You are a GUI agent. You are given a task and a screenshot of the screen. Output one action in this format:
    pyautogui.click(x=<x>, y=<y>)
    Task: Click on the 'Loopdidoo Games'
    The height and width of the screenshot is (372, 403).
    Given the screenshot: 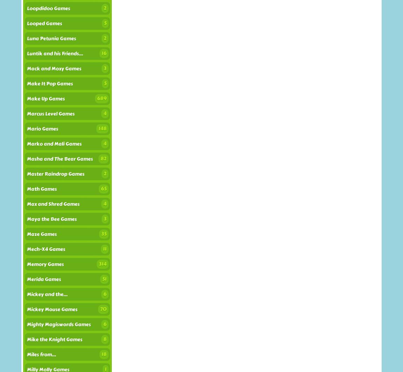 What is the action you would take?
    pyautogui.click(x=48, y=8)
    